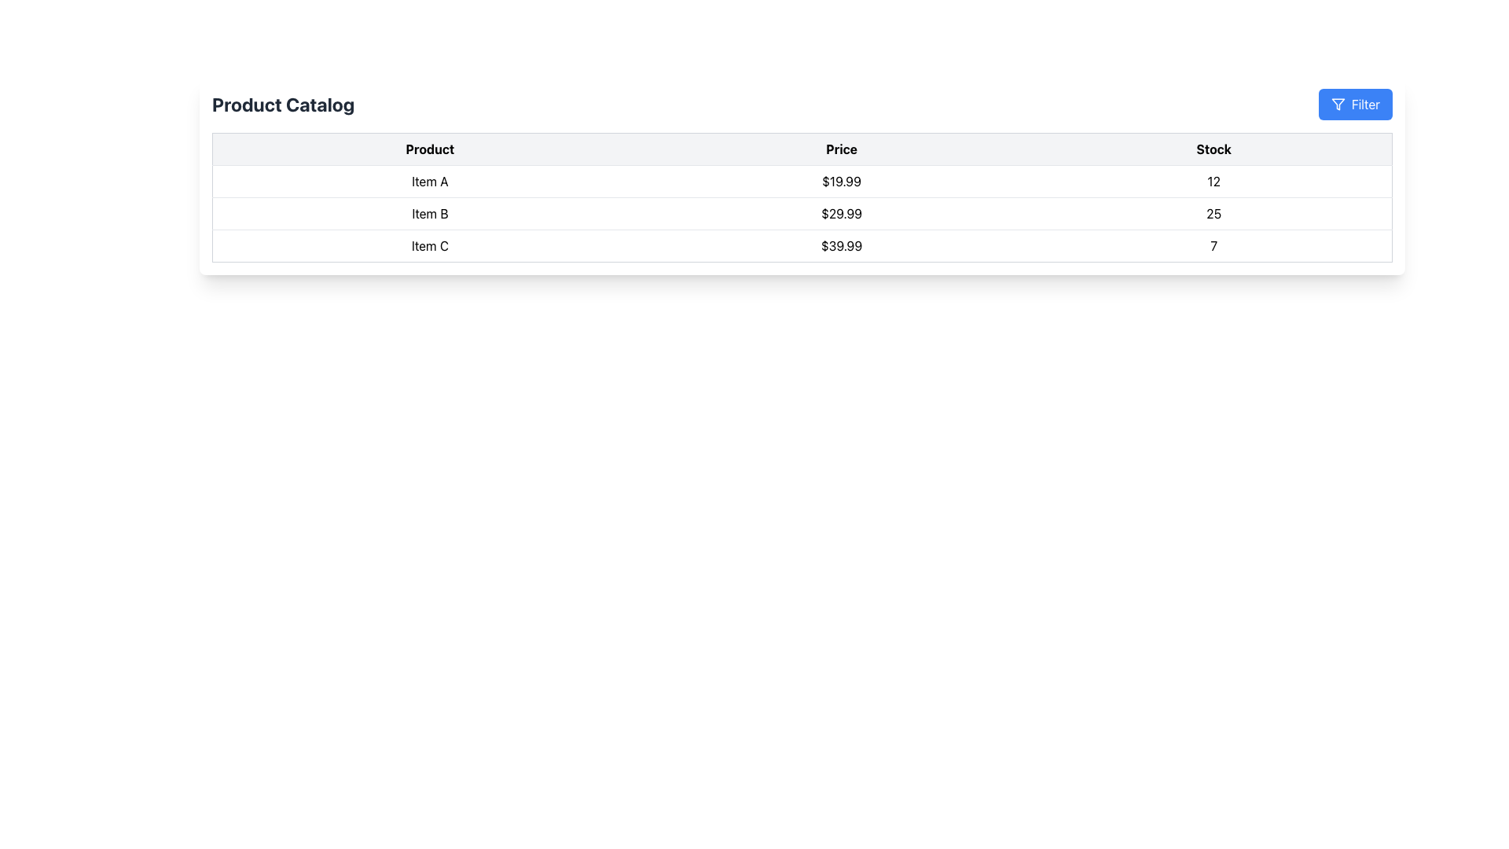 The height and width of the screenshot is (849, 1509). I want to click on the text label displaying 'Item A' in the first row of the product catalog table, located under the 'Product' column, so click(430, 181).